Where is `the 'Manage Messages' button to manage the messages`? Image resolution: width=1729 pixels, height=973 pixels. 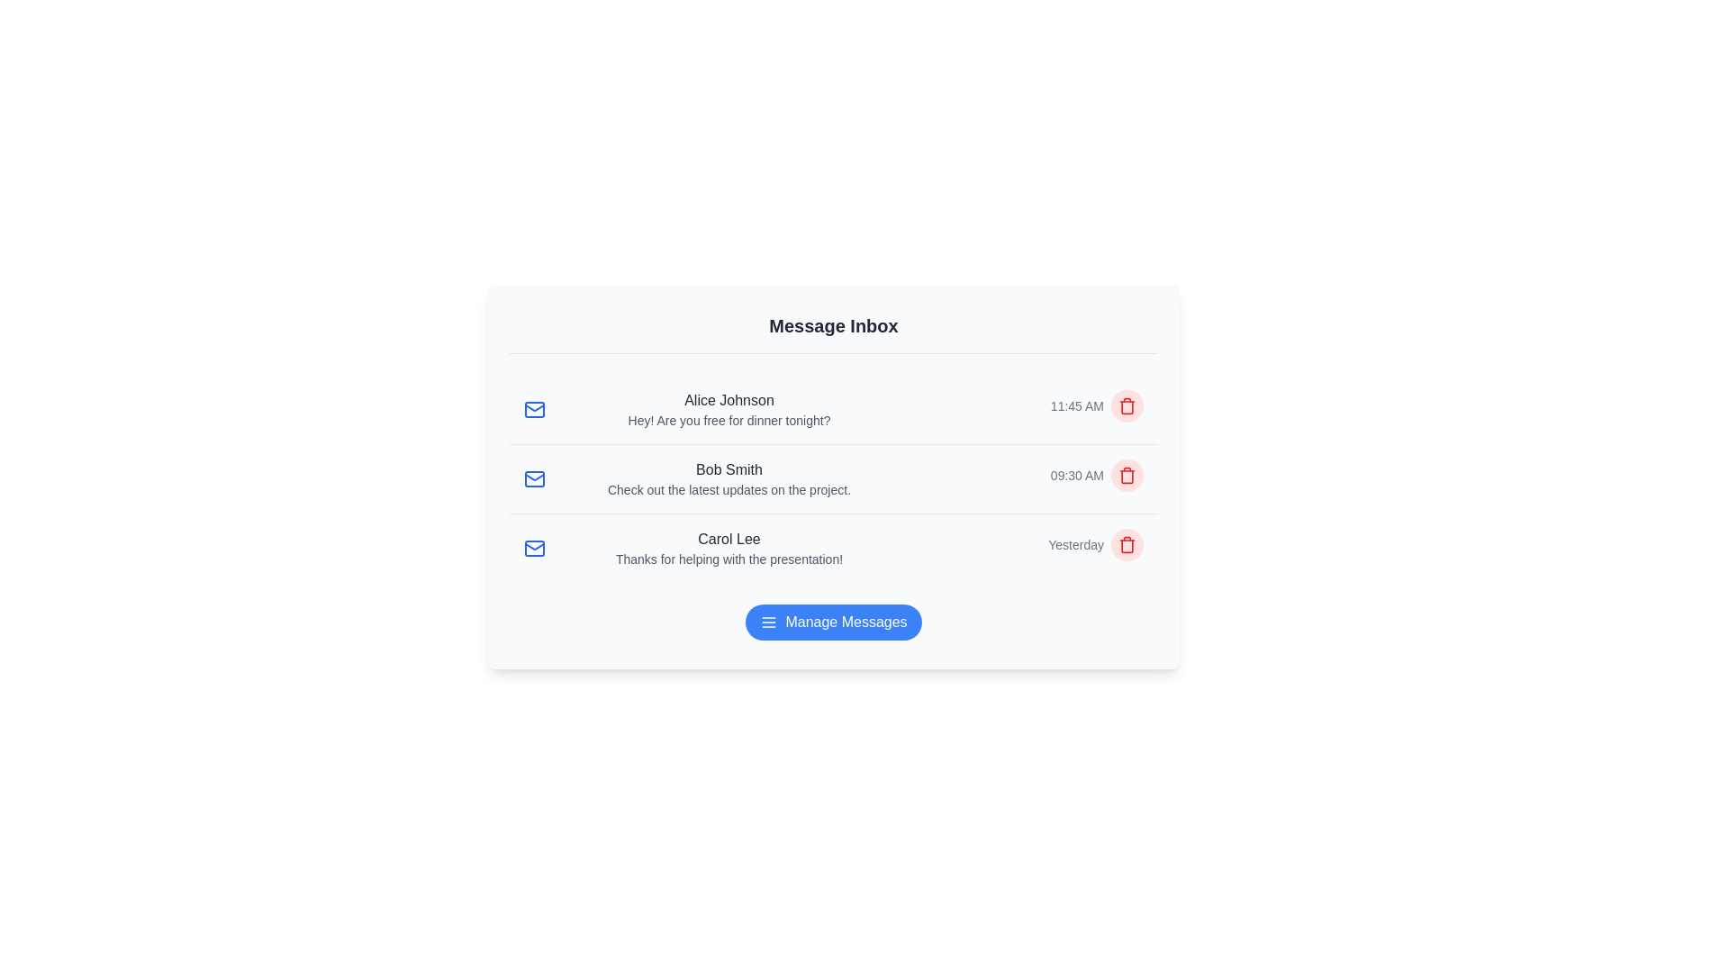
the 'Manage Messages' button to manage the messages is located at coordinates (833, 621).